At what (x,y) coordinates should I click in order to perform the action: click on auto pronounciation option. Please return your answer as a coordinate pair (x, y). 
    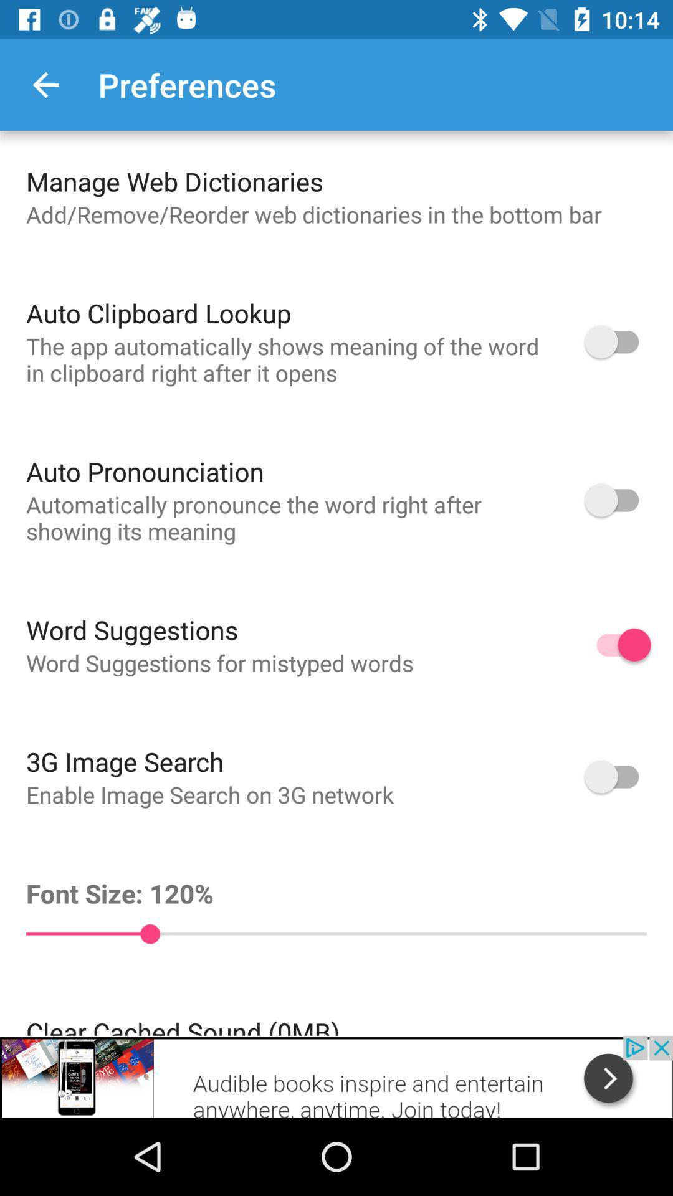
    Looking at the image, I should click on (618, 500).